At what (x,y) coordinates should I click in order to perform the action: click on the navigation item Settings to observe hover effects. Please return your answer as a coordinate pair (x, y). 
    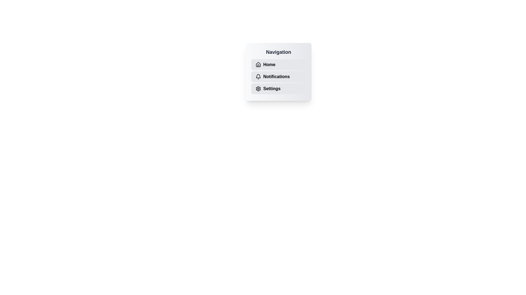
    Looking at the image, I should click on (279, 88).